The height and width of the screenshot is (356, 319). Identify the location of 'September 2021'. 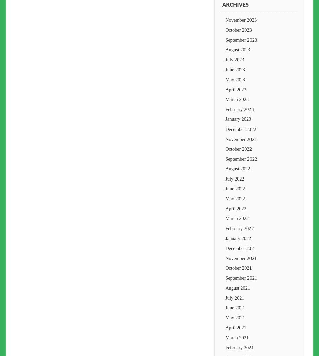
(241, 278).